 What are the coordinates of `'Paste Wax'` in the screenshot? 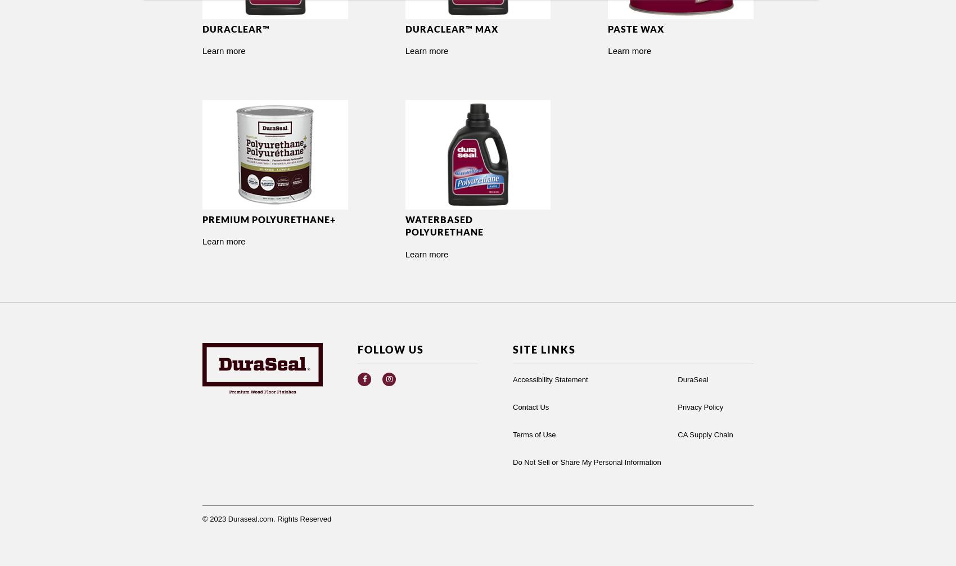 It's located at (636, 29).